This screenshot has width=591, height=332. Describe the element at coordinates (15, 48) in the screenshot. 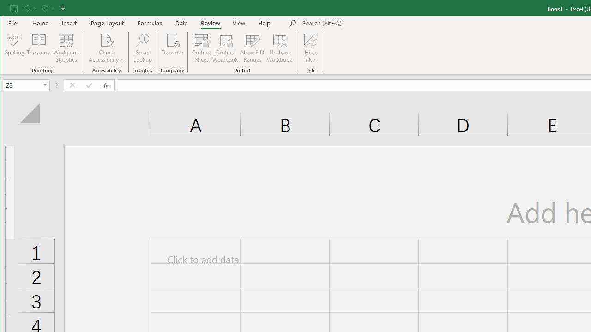

I see `'Spelling...'` at that location.